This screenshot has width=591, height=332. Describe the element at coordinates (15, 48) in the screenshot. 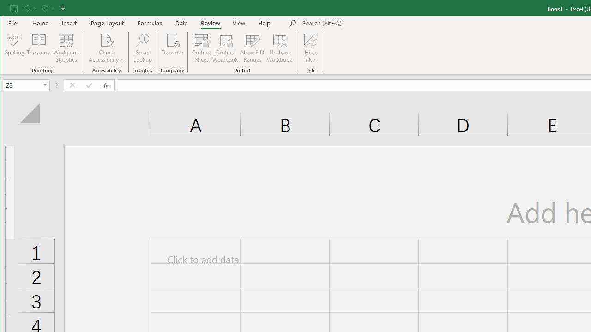

I see `'Spelling...'` at that location.